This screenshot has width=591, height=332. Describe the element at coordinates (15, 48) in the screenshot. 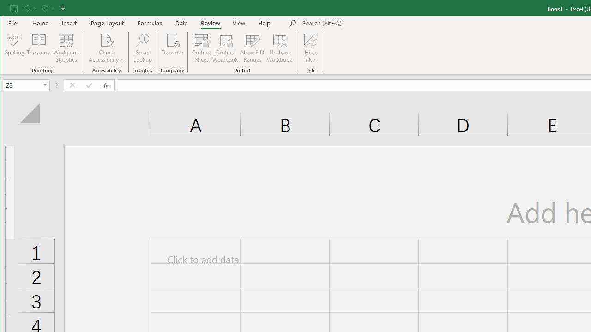

I see `'Spelling...'` at that location.